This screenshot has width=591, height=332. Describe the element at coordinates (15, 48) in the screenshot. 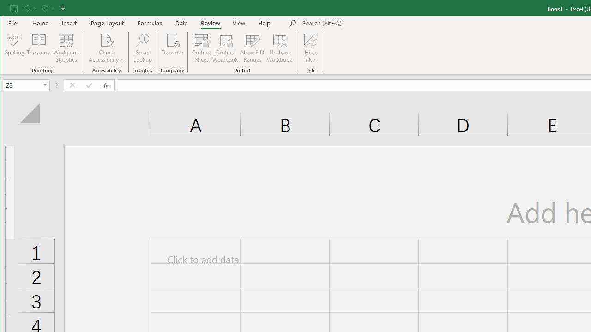

I see `'Spelling...'` at that location.